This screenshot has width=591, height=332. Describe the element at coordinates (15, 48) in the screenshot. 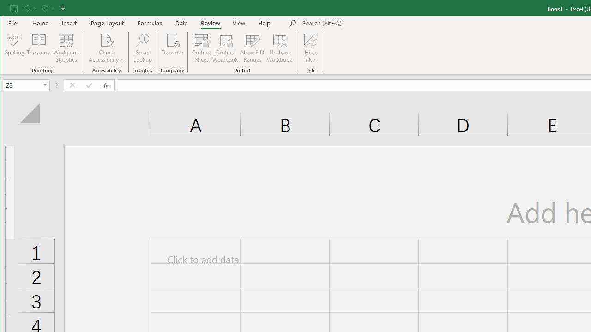

I see `'Spelling...'` at that location.